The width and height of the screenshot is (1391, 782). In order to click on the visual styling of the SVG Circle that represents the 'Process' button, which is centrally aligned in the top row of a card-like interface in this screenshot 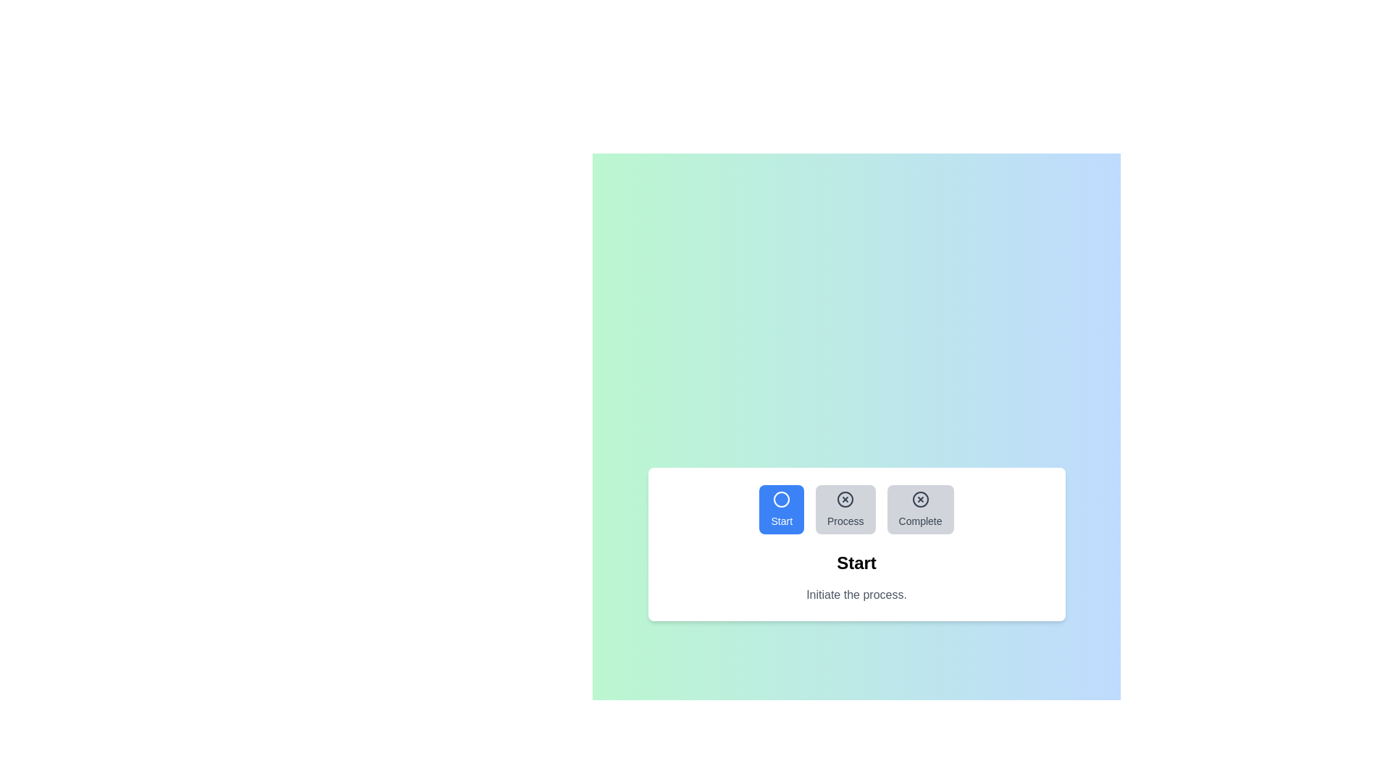, I will do `click(845, 499)`.